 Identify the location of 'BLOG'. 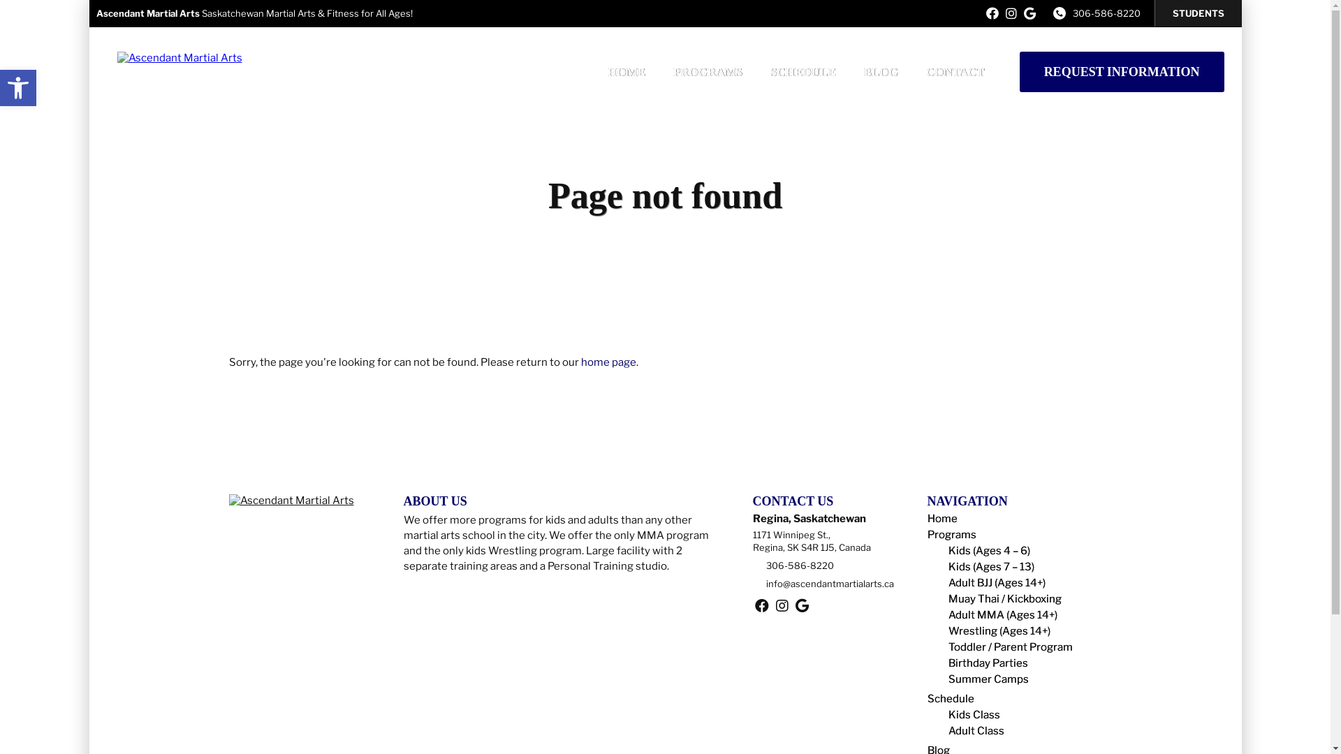
(880, 71).